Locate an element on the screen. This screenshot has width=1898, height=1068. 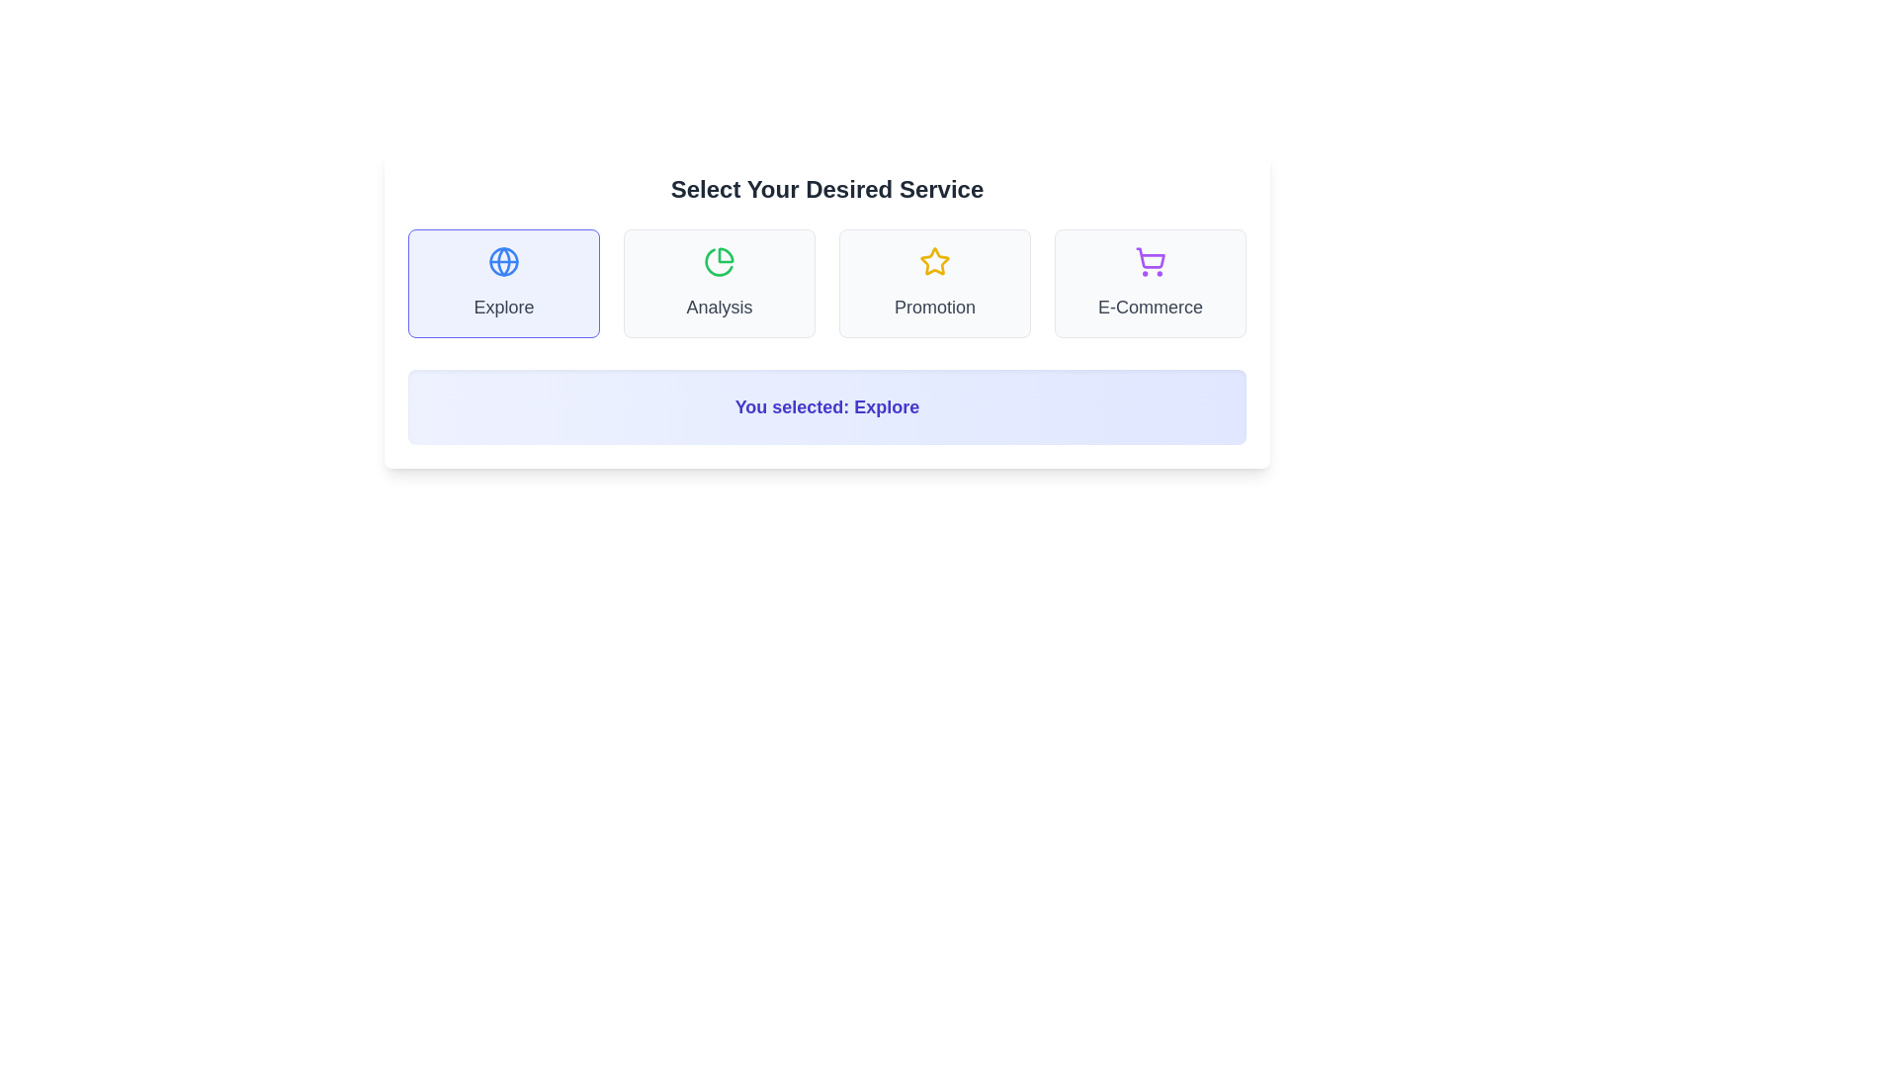
the text label displaying 'Analysis' is located at coordinates (719, 308).